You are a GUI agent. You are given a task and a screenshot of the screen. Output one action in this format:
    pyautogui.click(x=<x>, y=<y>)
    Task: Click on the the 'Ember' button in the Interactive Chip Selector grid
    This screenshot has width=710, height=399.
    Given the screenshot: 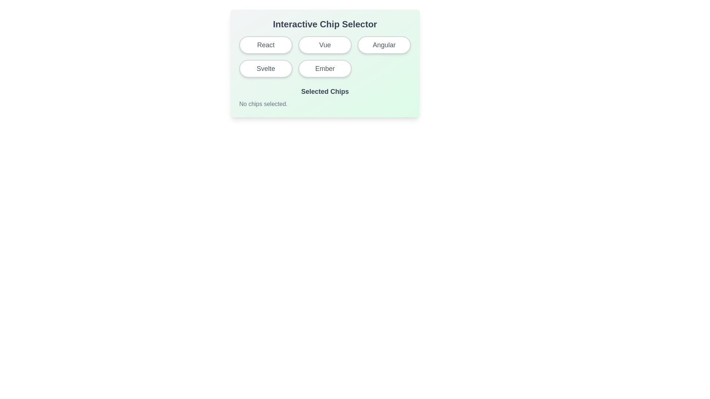 What is the action you would take?
    pyautogui.click(x=325, y=63)
    